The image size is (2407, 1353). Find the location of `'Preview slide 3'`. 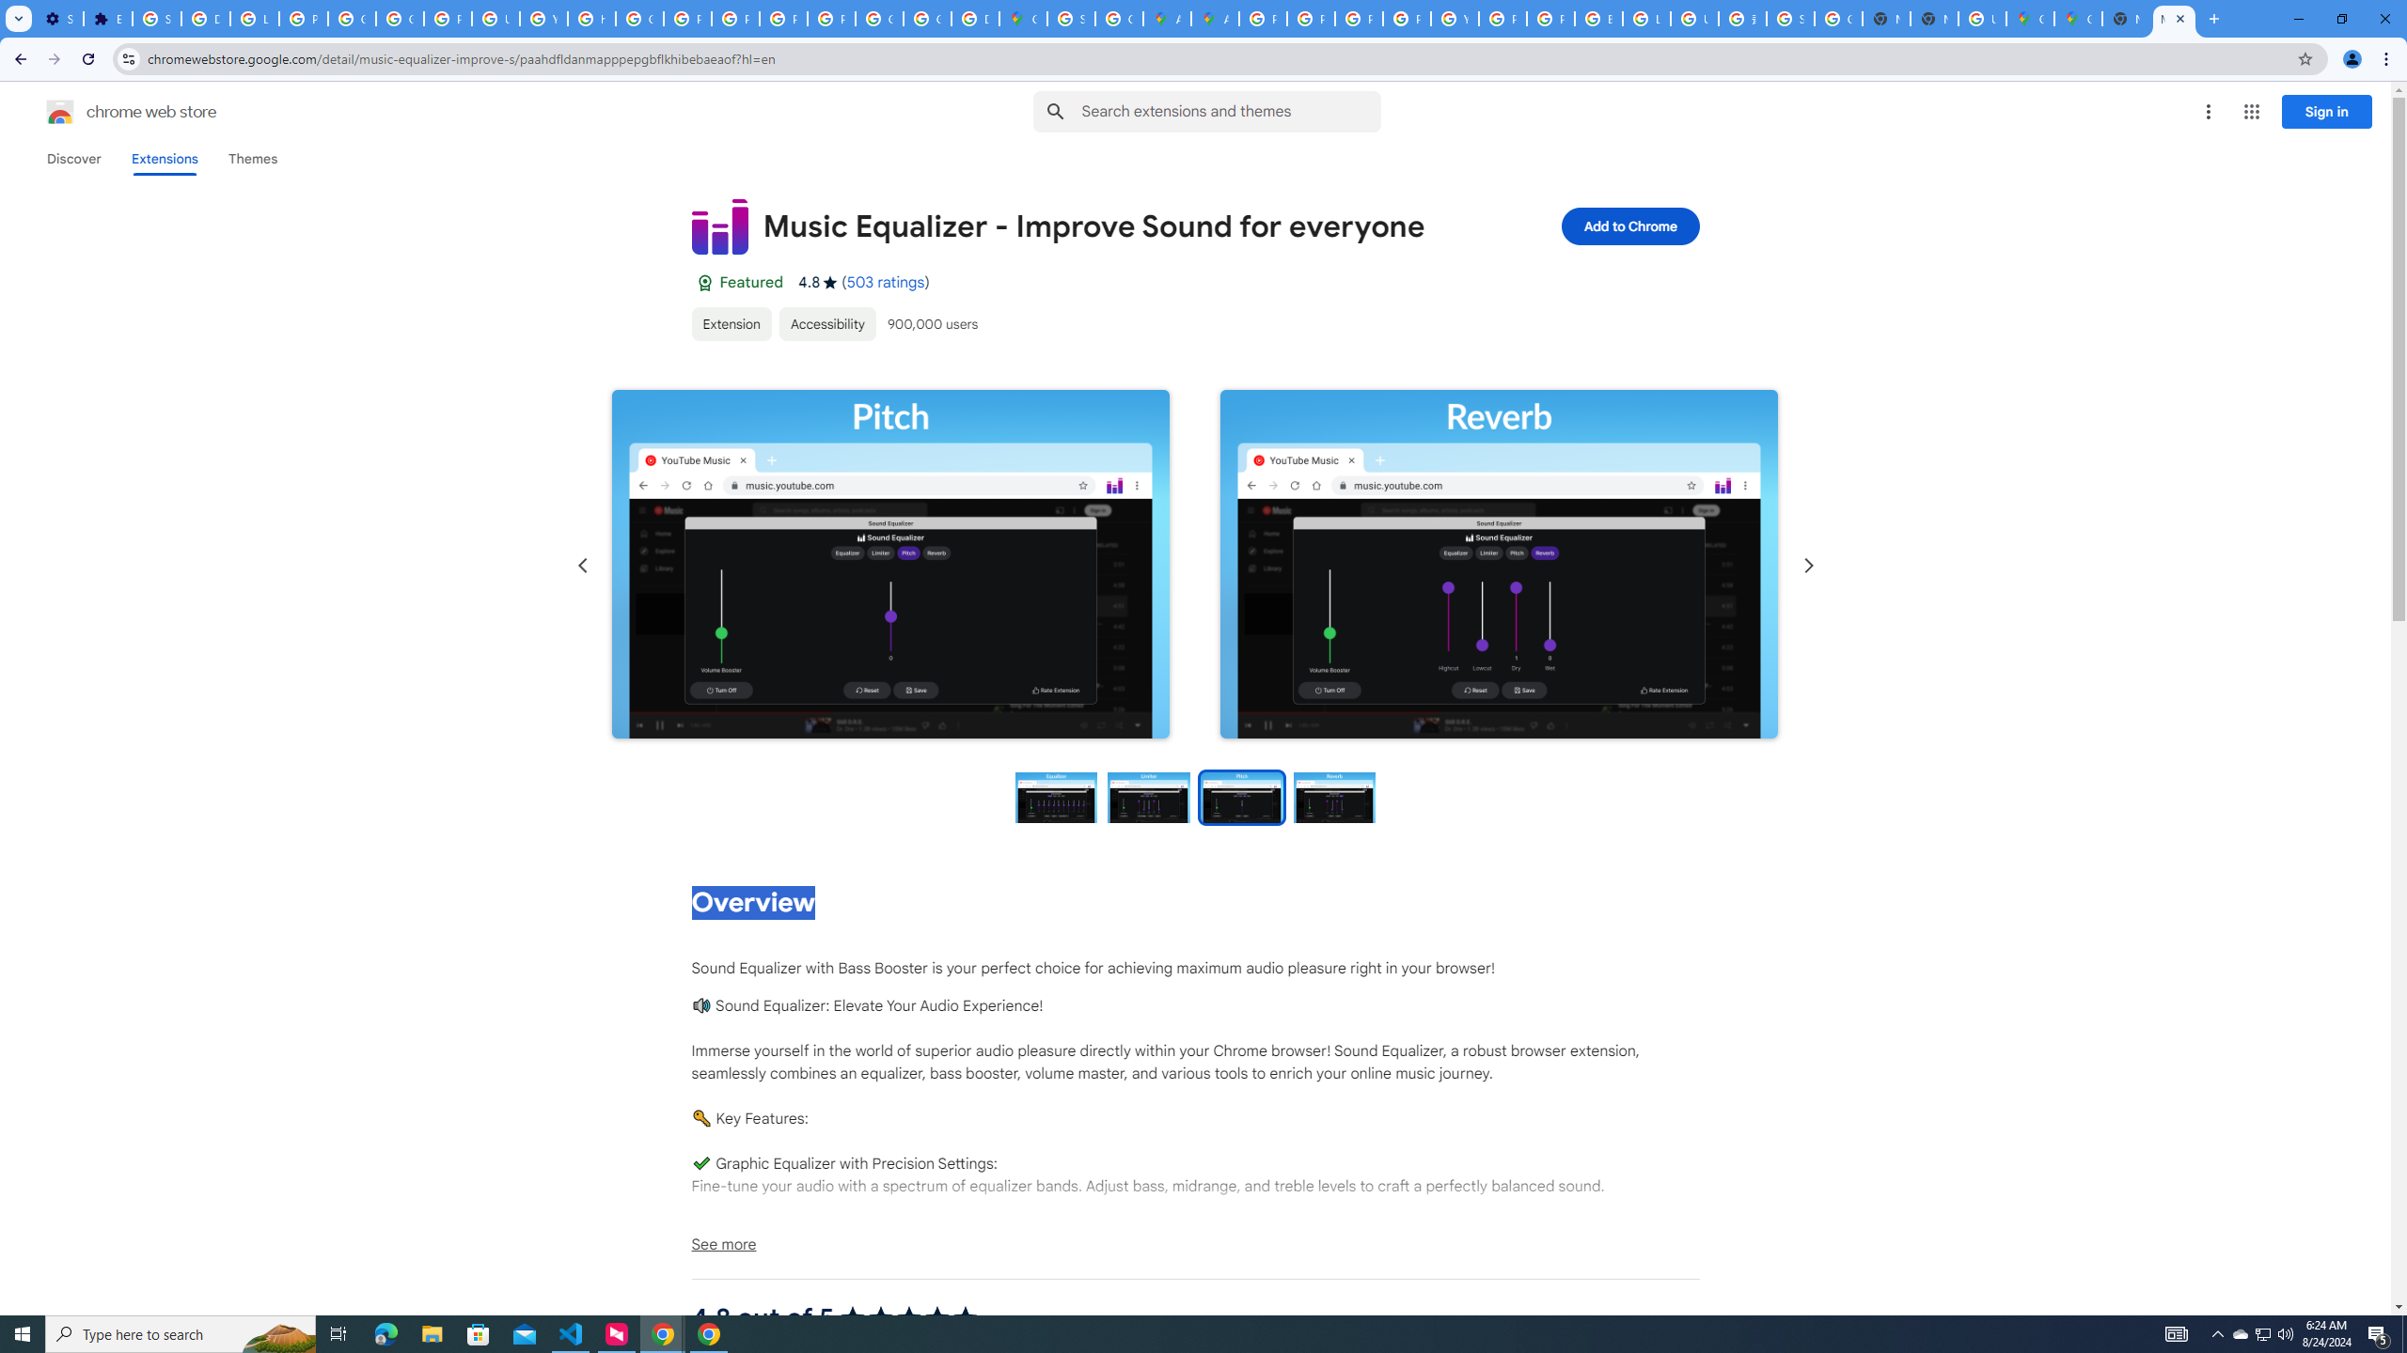

'Preview slide 3' is located at coordinates (1241, 796).